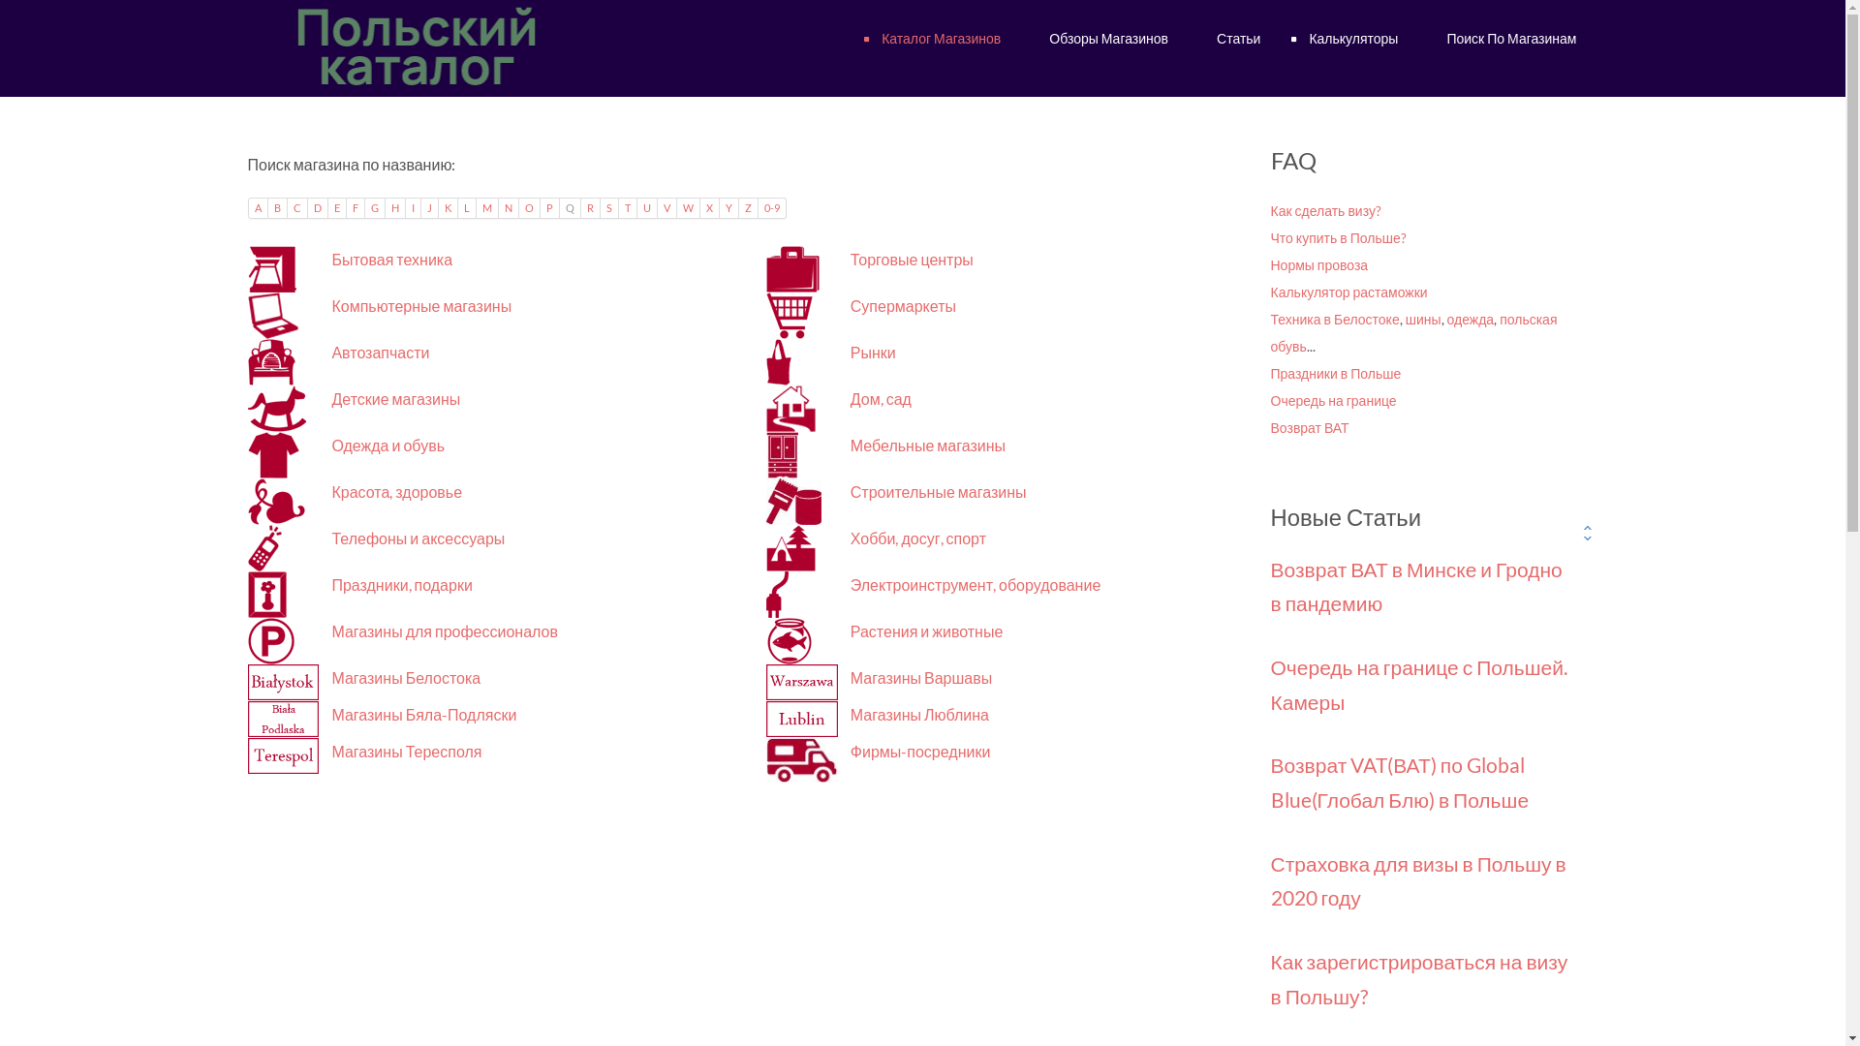 The width and height of the screenshot is (1860, 1046). Describe the element at coordinates (326, 208) in the screenshot. I see `'E'` at that location.